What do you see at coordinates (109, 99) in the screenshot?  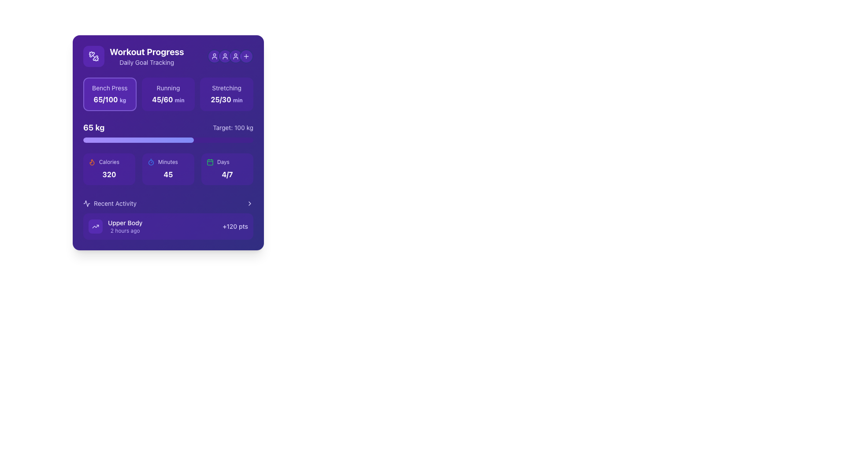 I see `the Text display element that shows the current and target weight lifted in the bench press exercise, located below the 'Bench Press' title and aligned with the first metric in the 'Workout Progress' section` at bounding box center [109, 99].